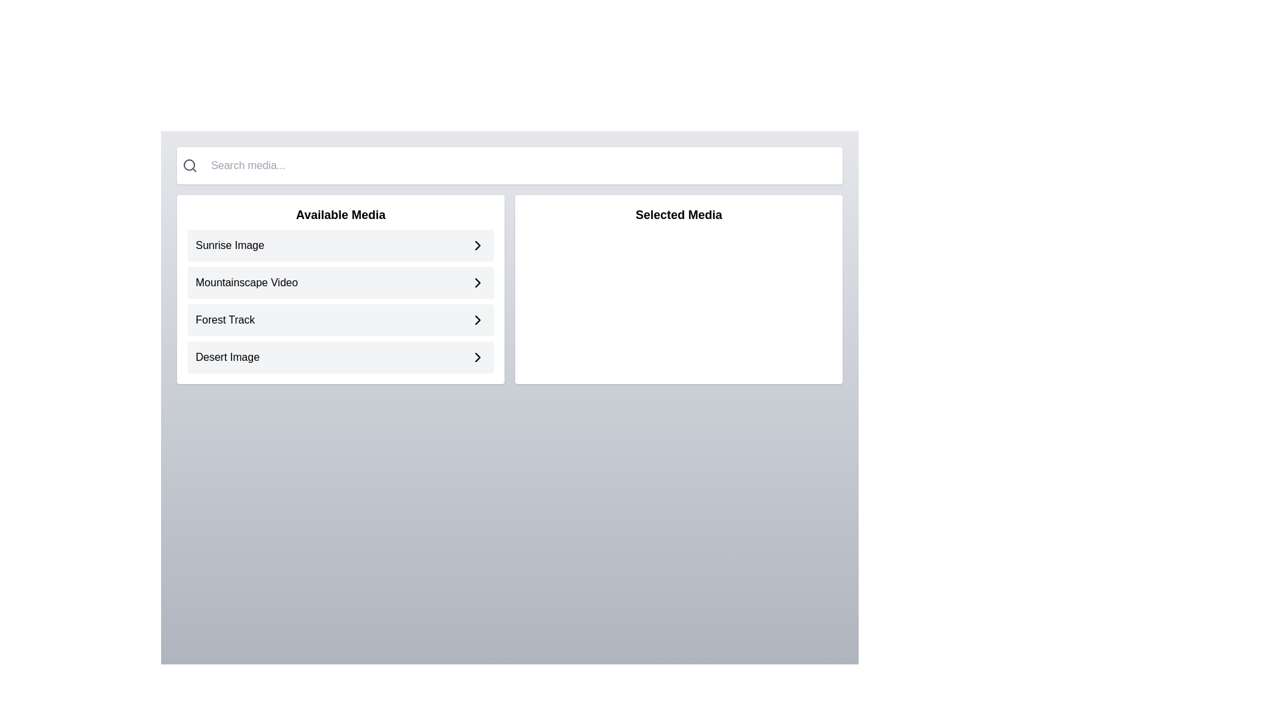  I want to click on the list item labeled 'Mountainscape Video', so click(341, 301).